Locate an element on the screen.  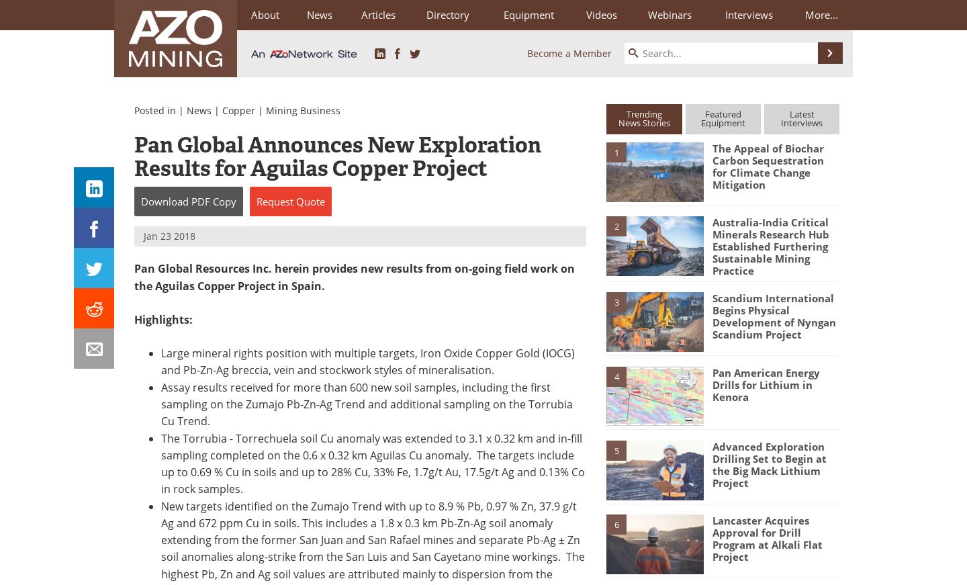
'Mining Business' is located at coordinates (303, 110).